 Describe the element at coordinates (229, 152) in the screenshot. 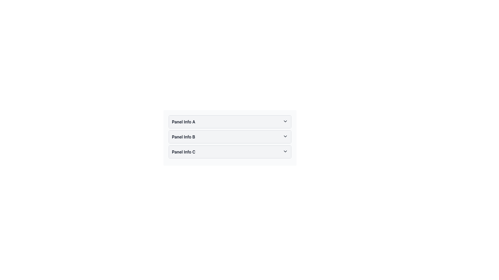

I see `the Collapsible panel header labeled 'Panel Info C', which is the third item in the vertically stacked group of collapsible panels` at that location.